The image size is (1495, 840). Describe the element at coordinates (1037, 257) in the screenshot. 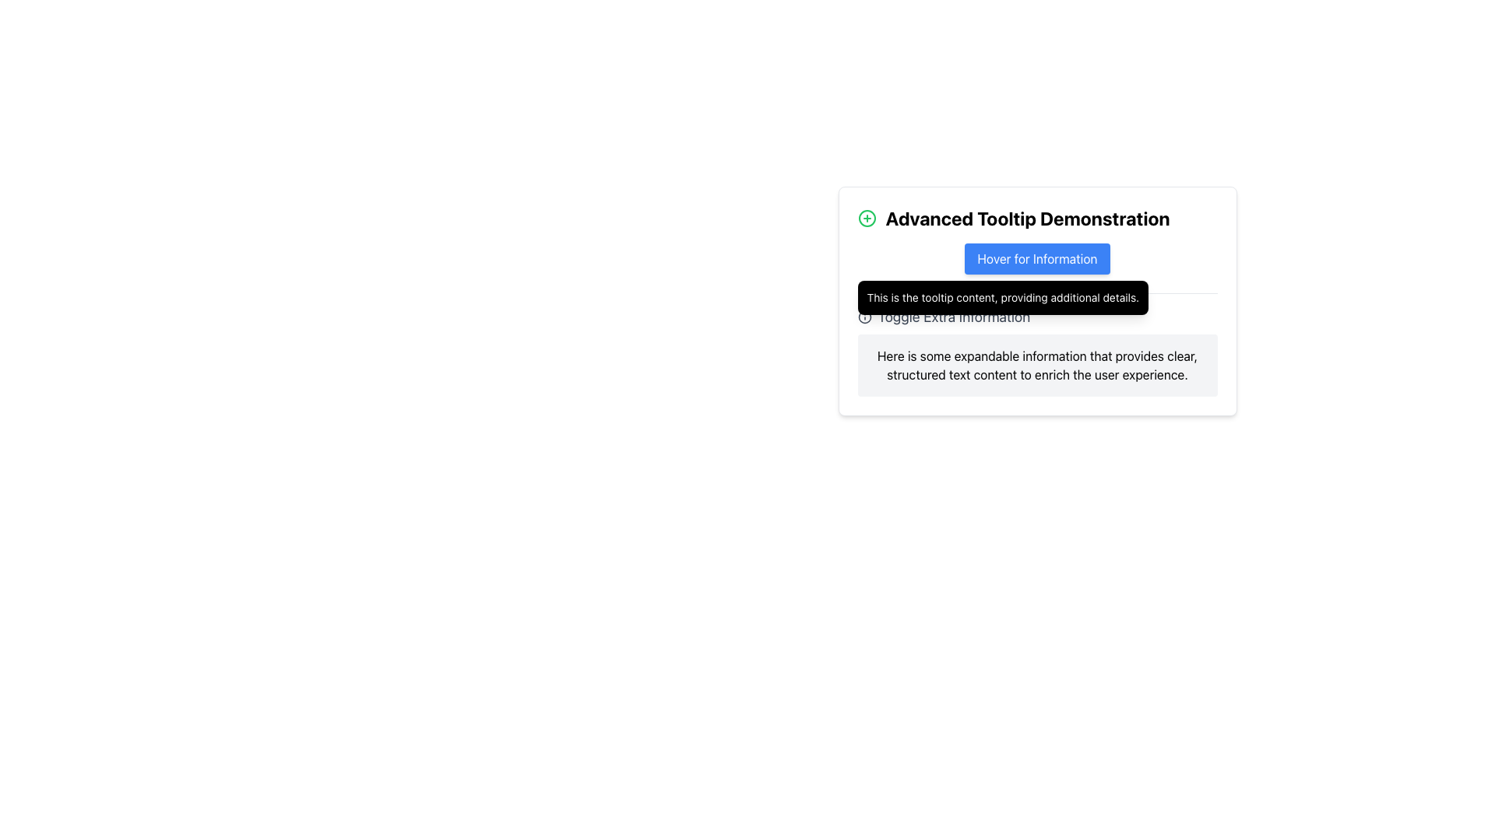

I see `the rectangular blue button labeled 'Hover for Information' with white text and rounded corners, which is part of the tooltip demonstration module` at that location.